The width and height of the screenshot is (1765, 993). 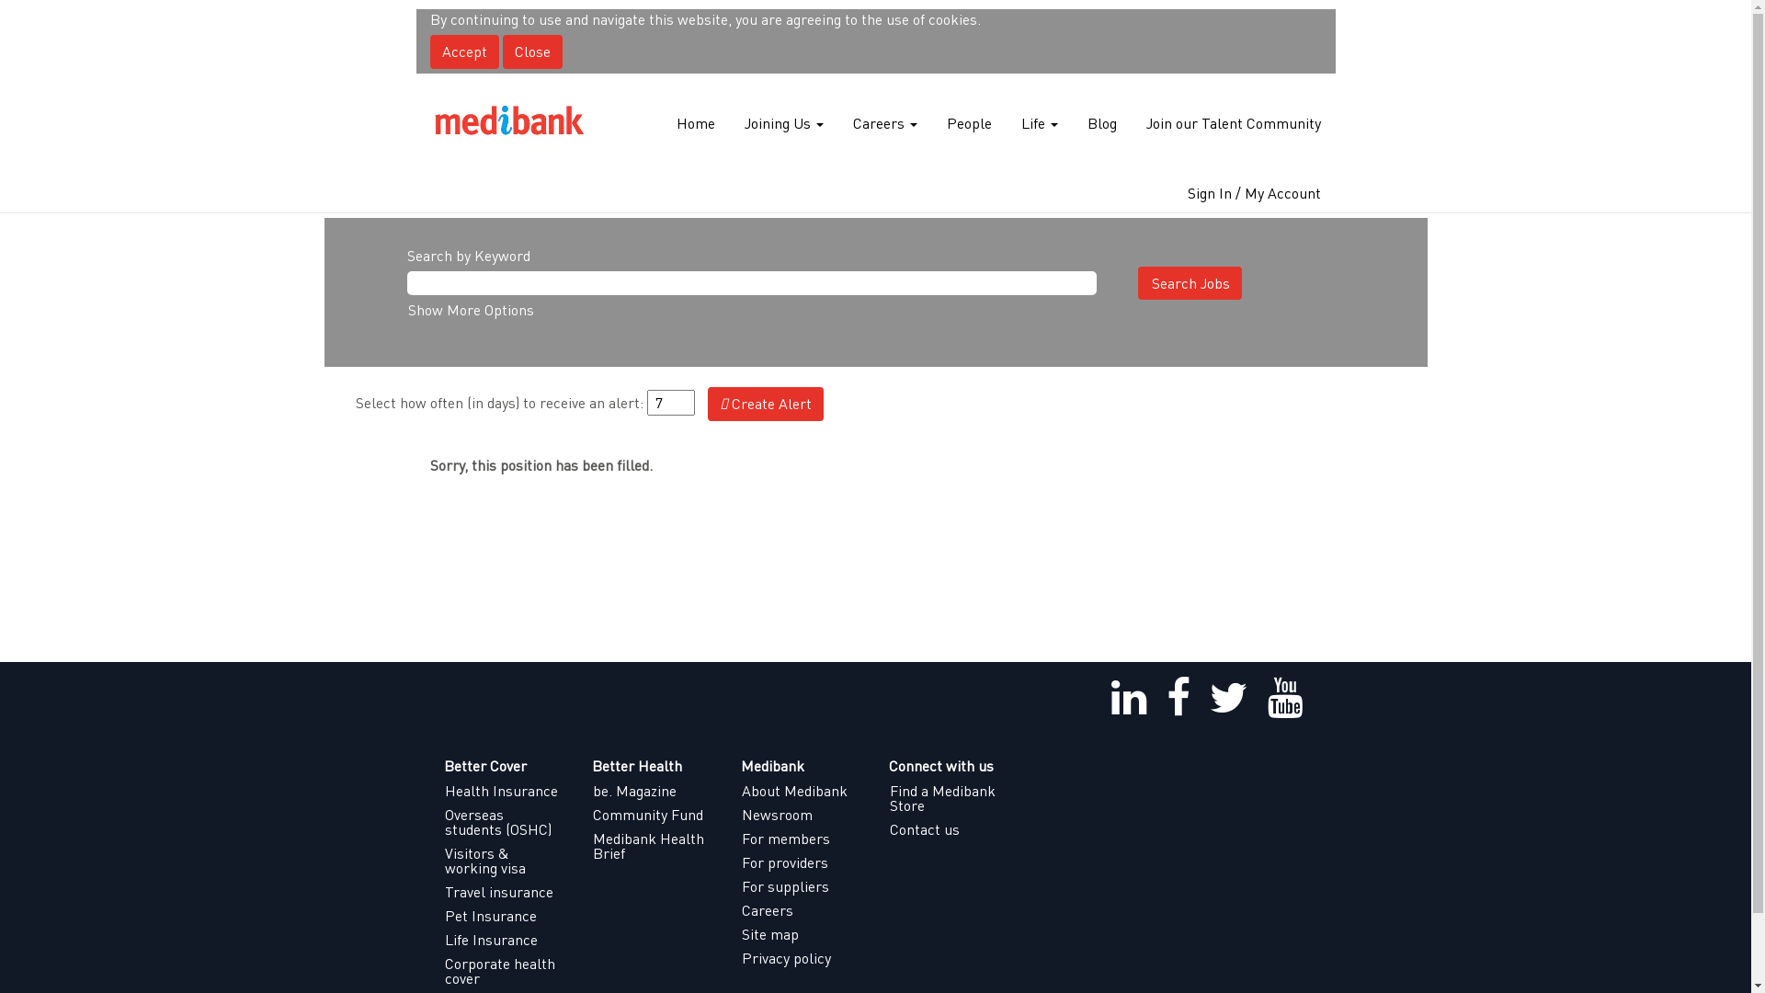 What do you see at coordinates (1102, 123) in the screenshot?
I see `'Blog'` at bounding box center [1102, 123].